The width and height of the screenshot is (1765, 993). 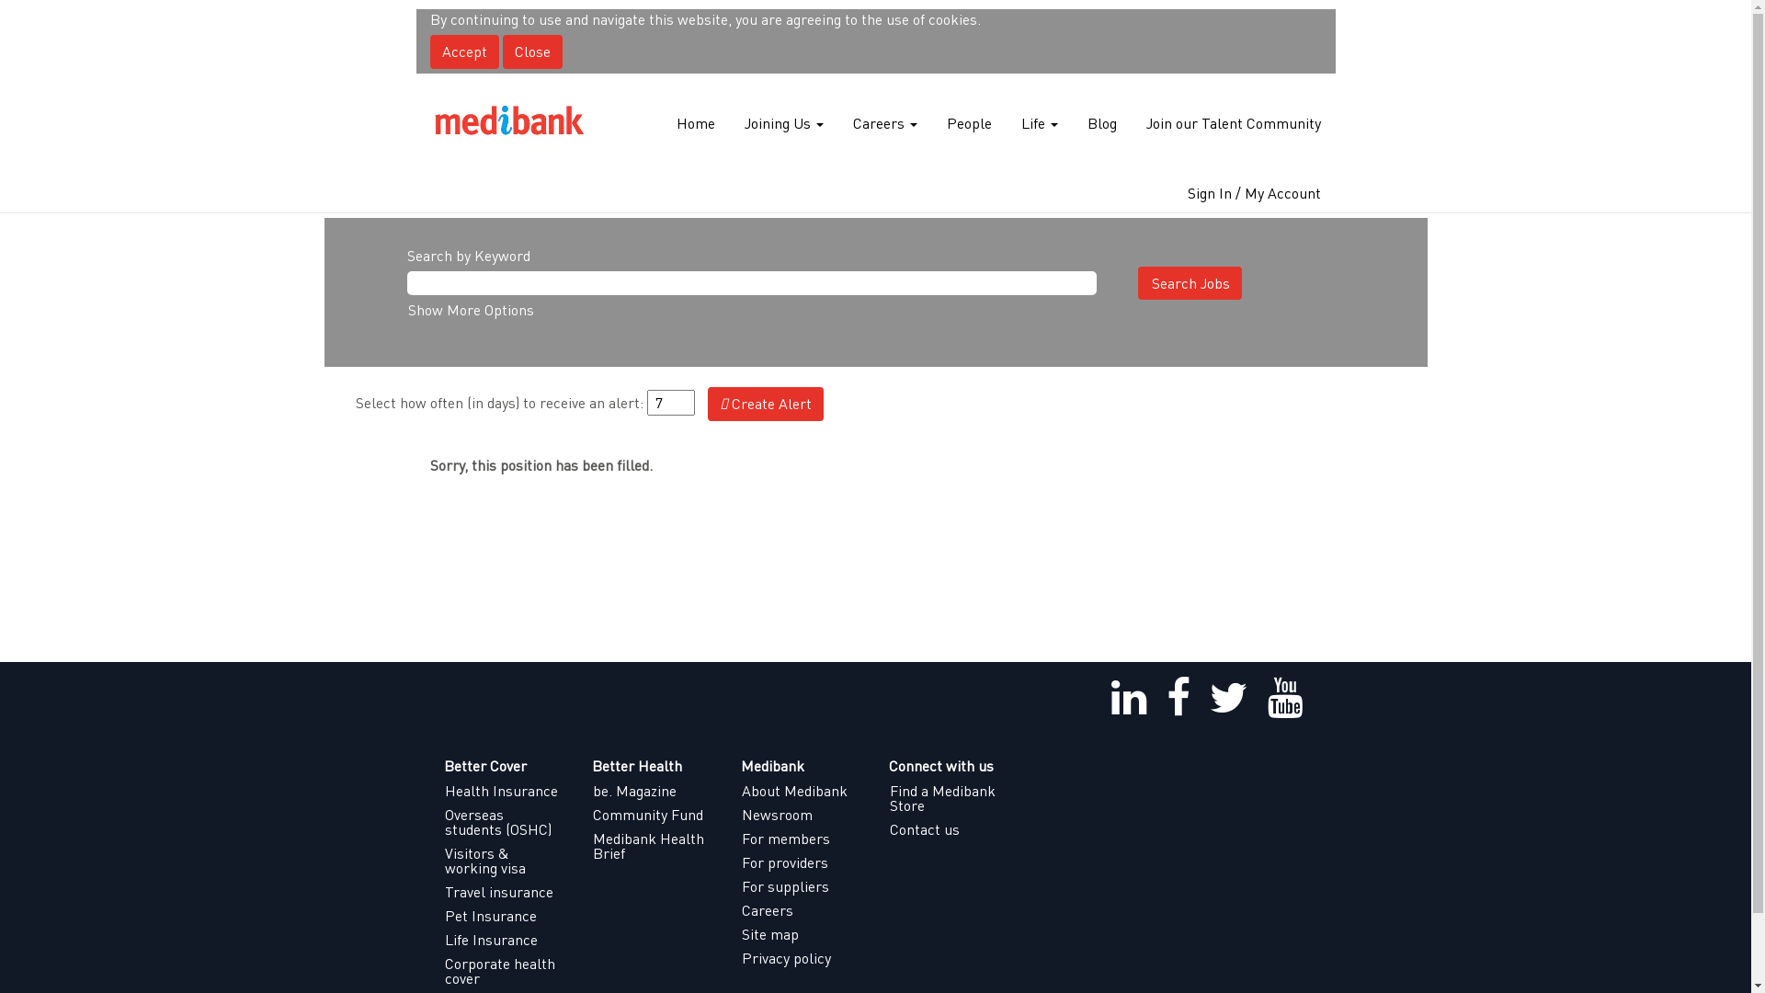 What do you see at coordinates (1102, 123) in the screenshot?
I see `'Blog'` at bounding box center [1102, 123].